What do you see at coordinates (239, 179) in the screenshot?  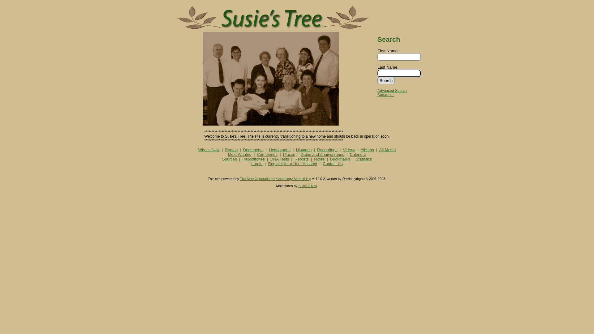 I see `'The Next Generation of Genealogy Sitebuilding'` at bounding box center [239, 179].